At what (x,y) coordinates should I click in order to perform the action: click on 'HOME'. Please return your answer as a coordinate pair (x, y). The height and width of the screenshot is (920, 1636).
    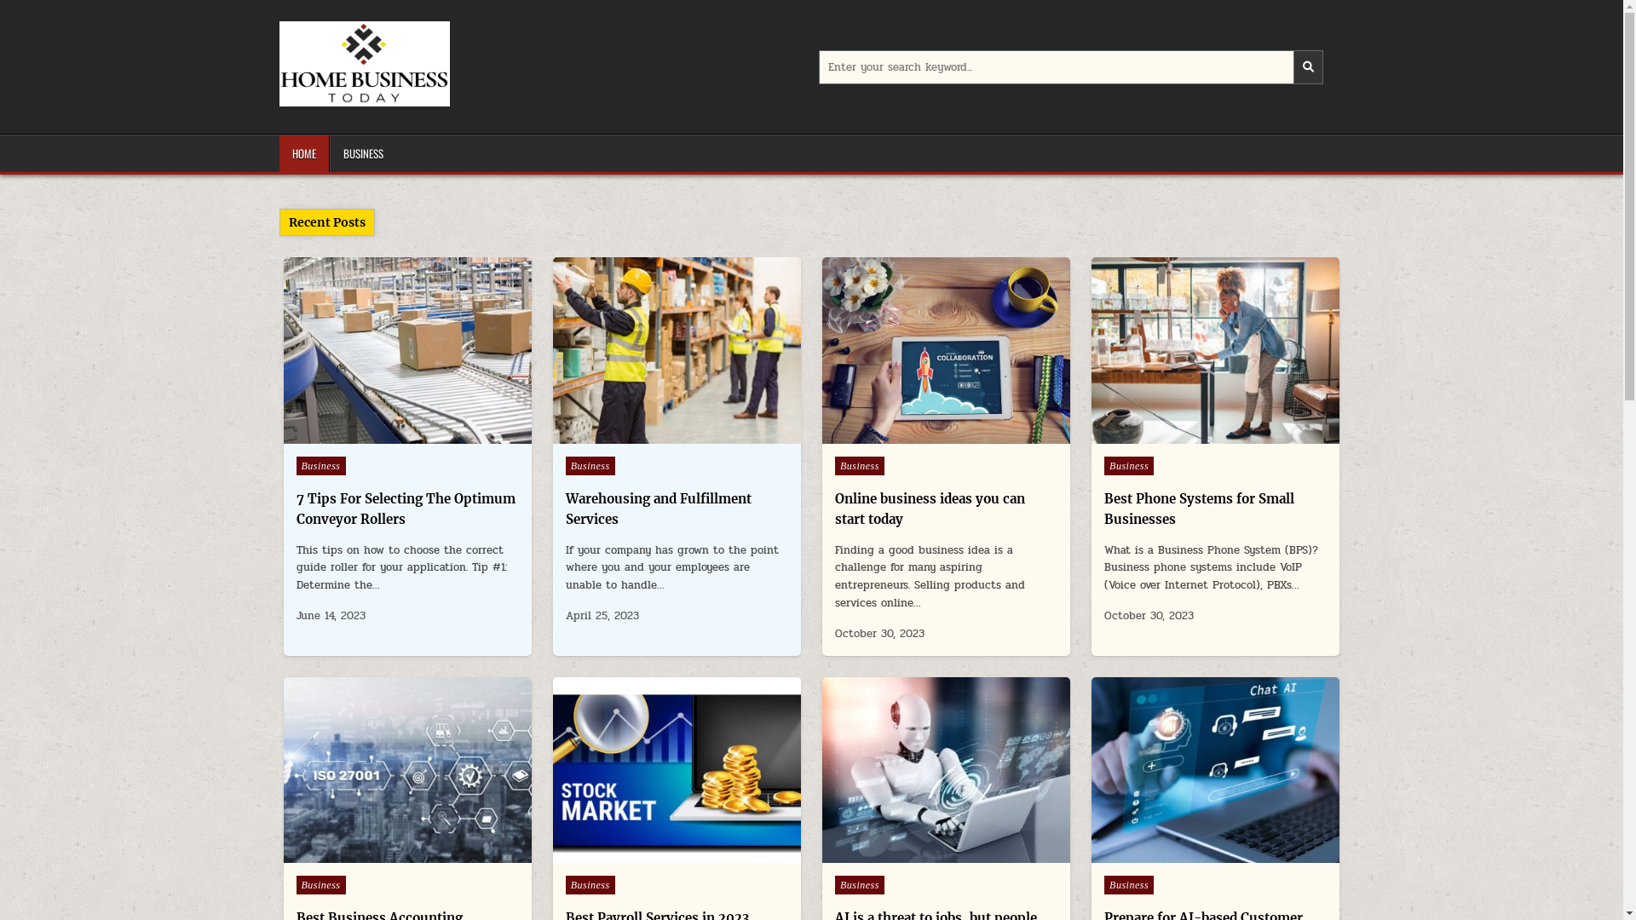
    Looking at the image, I should click on (304, 153).